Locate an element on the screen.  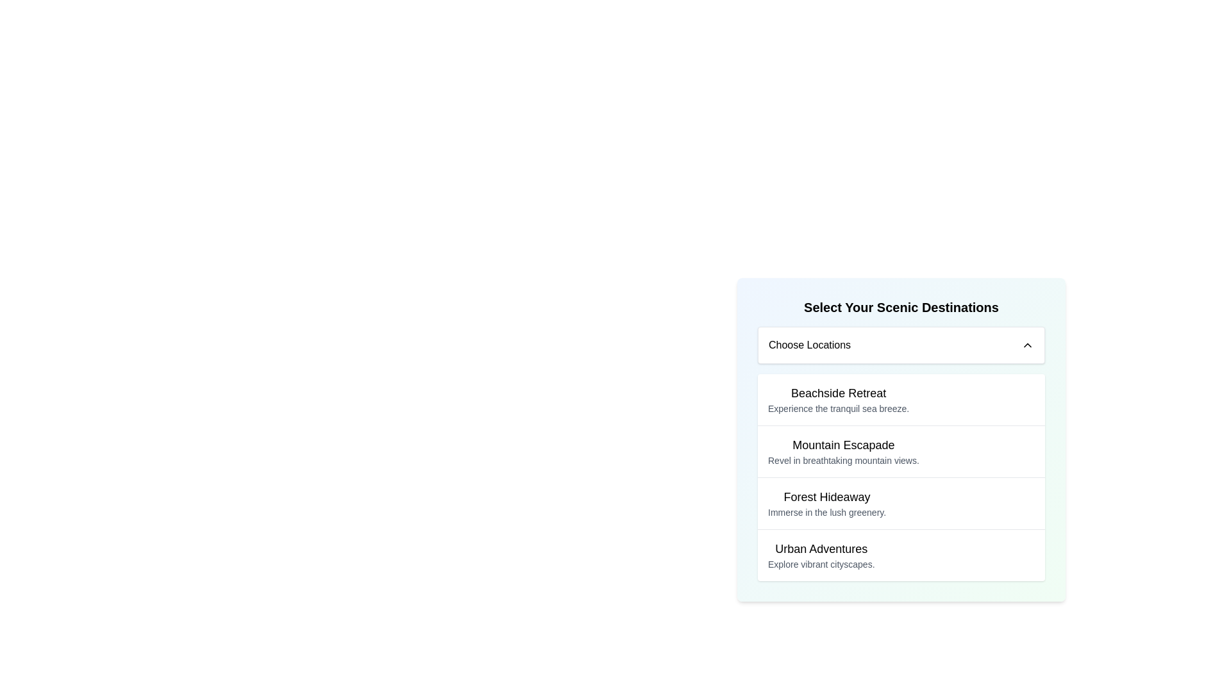
the 'Urban Adventures' text label, which is the header of the fourth list item under 'Select Your Scenic Destinations' is located at coordinates (821, 548).